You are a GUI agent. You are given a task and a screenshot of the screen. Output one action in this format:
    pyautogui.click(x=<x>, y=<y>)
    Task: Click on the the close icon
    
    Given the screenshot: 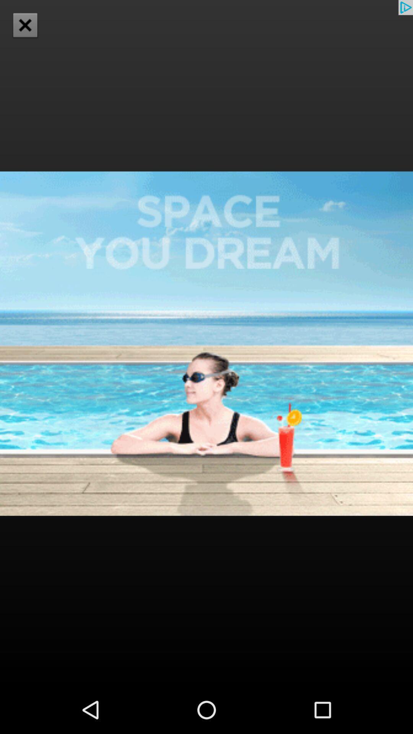 What is the action you would take?
    pyautogui.click(x=24, y=27)
    